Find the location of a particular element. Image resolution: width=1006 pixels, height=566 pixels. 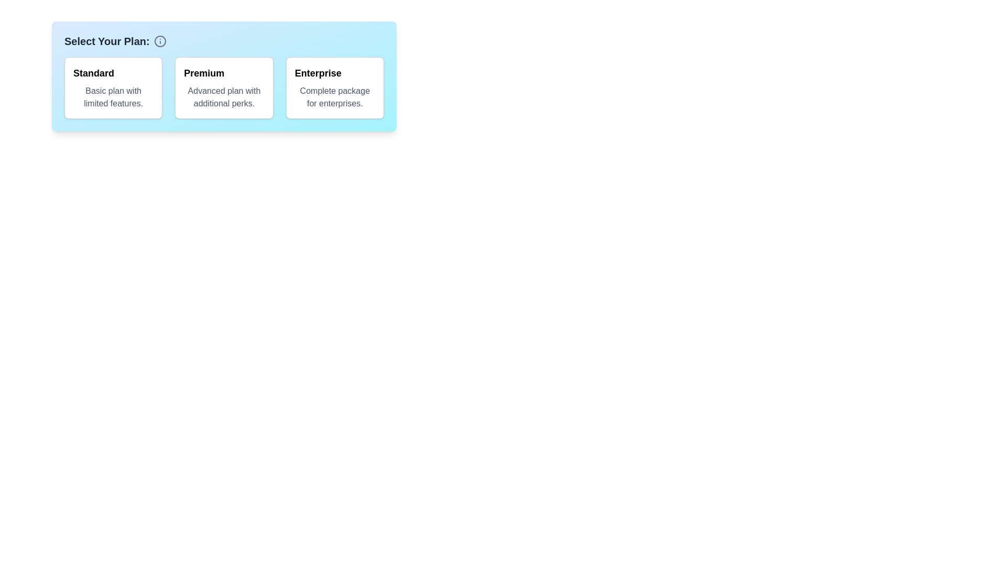

the 'Standard' text label which is styled as a heading and located at the top of a card-like structure is located at coordinates (93, 72).